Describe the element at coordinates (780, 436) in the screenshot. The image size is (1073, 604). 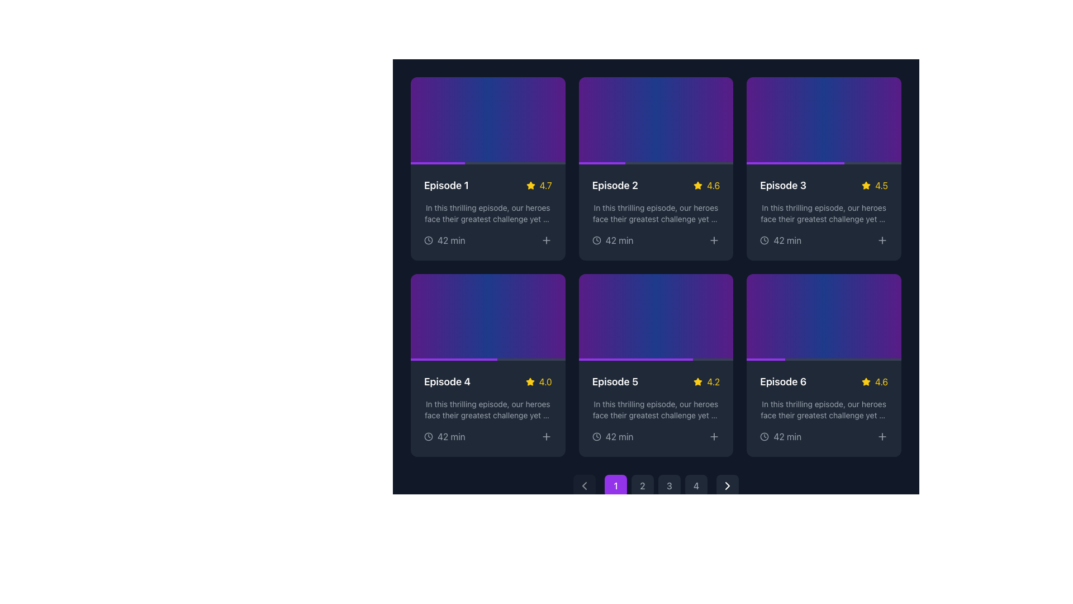
I see `the label displaying '42 min' next to the clock icon, which is located in the bottom section of the card for 'Episode 6', just below the rating score and to the right of the 'star' icon` at that location.